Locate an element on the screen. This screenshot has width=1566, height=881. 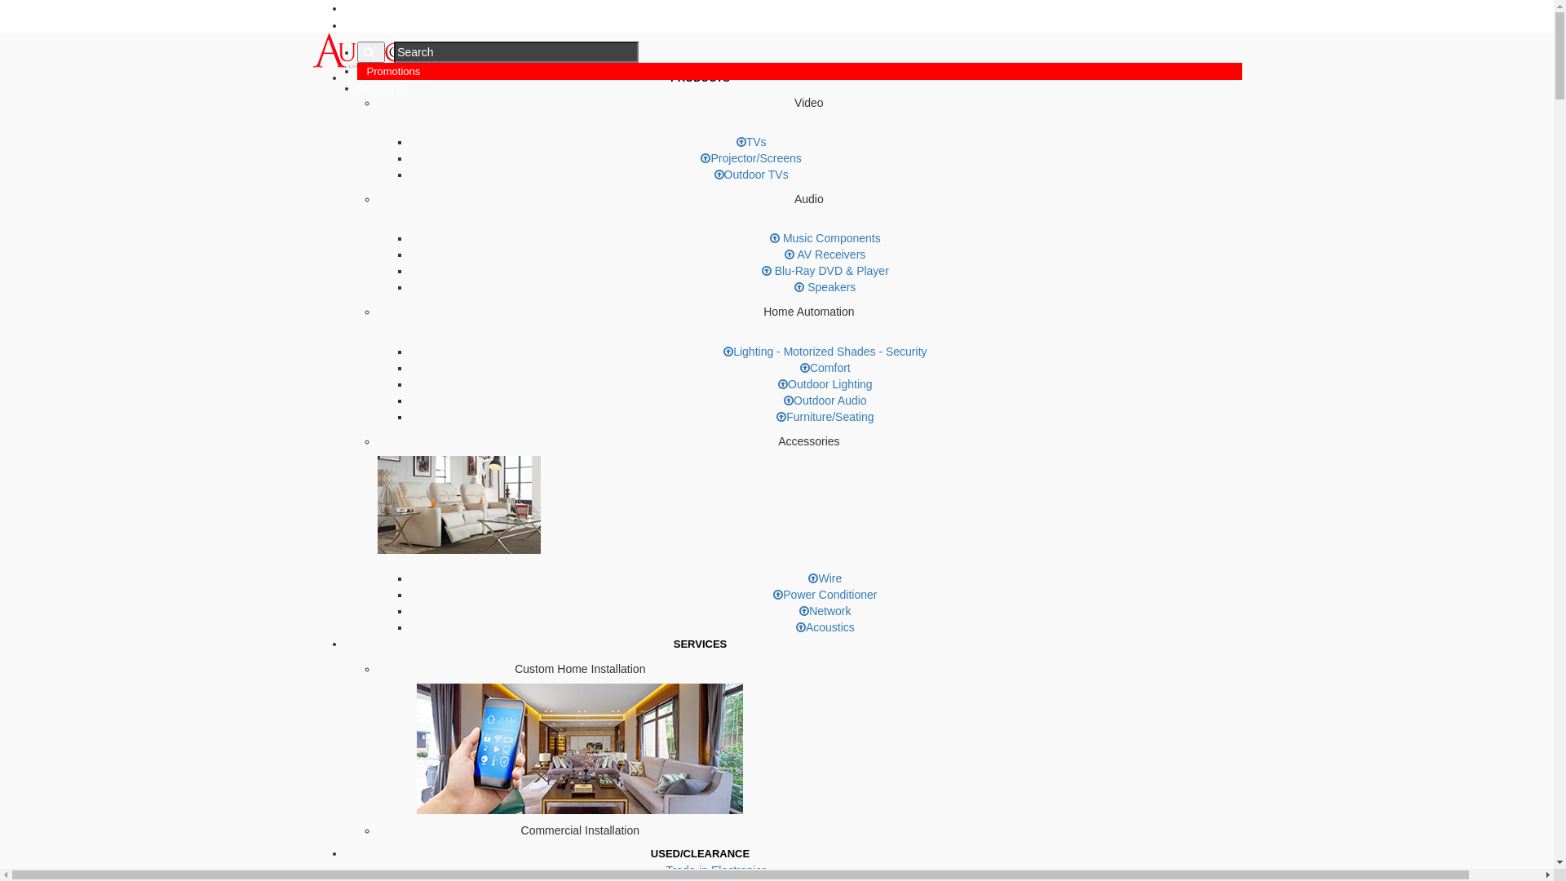
'Music Components' is located at coordinates (825, 238).